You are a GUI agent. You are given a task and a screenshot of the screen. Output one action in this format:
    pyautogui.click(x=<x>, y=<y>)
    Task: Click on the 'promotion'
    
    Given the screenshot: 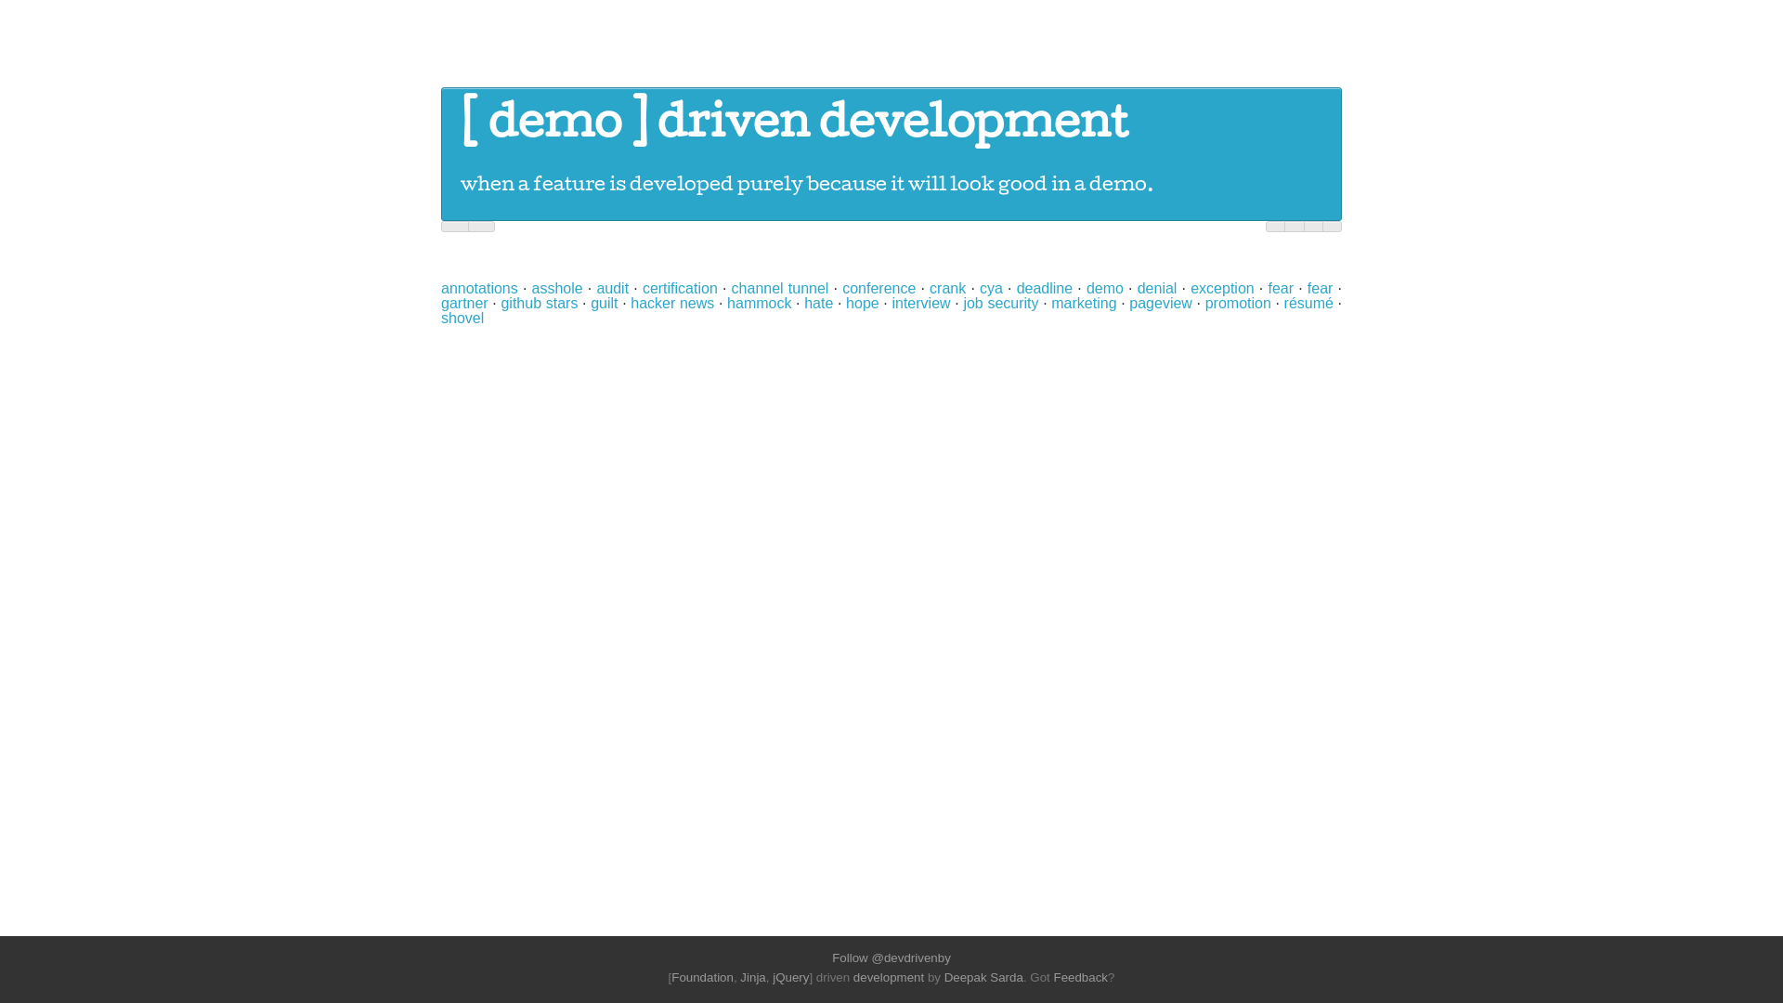 What is the action you would take?
    pyautogui.click(x=1238, y=302)
    